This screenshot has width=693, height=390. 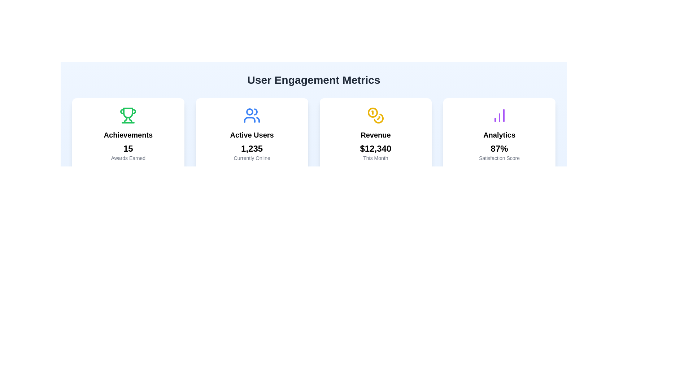 What do you see at coordinates (122, 111) in the screenshot?
I see `the curved line segment that is part of the green trophy icon within the 'Achievements' card, located at the top of the section` at bounding box center [122, 111].